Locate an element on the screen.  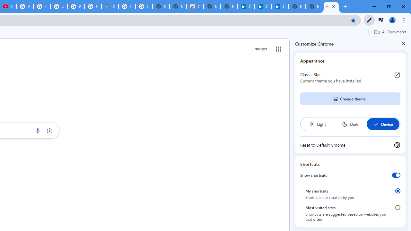
'New Tab' is located at coordinates (331, 6).